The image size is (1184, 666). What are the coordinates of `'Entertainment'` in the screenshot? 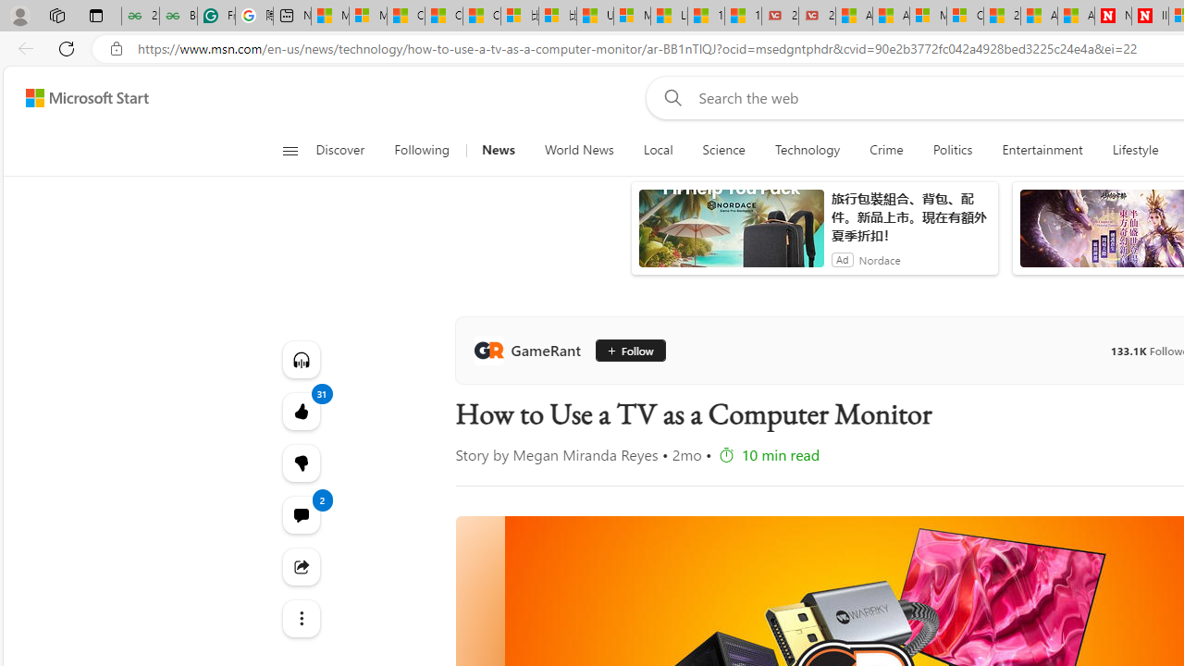 It's located at (1042, 150).